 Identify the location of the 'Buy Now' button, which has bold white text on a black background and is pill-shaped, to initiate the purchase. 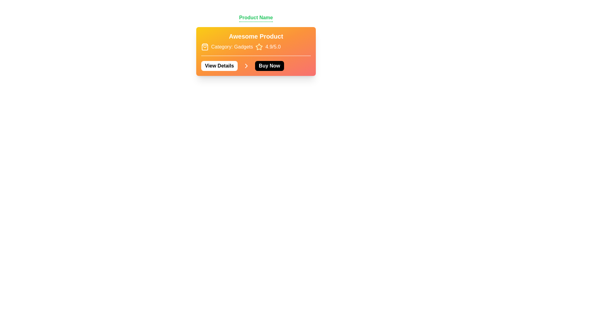
(269, 66).